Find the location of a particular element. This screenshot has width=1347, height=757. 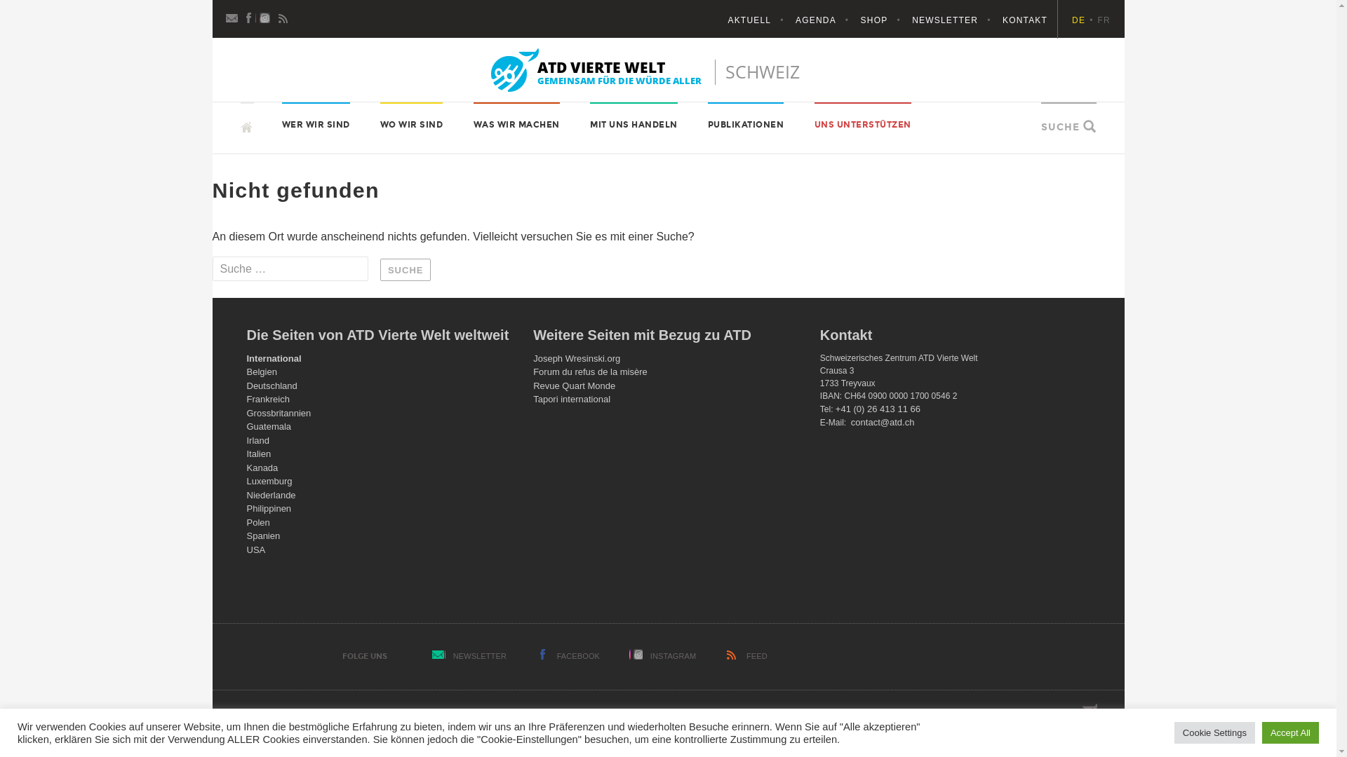

'Spanien' is located at coordinates (263, 536).